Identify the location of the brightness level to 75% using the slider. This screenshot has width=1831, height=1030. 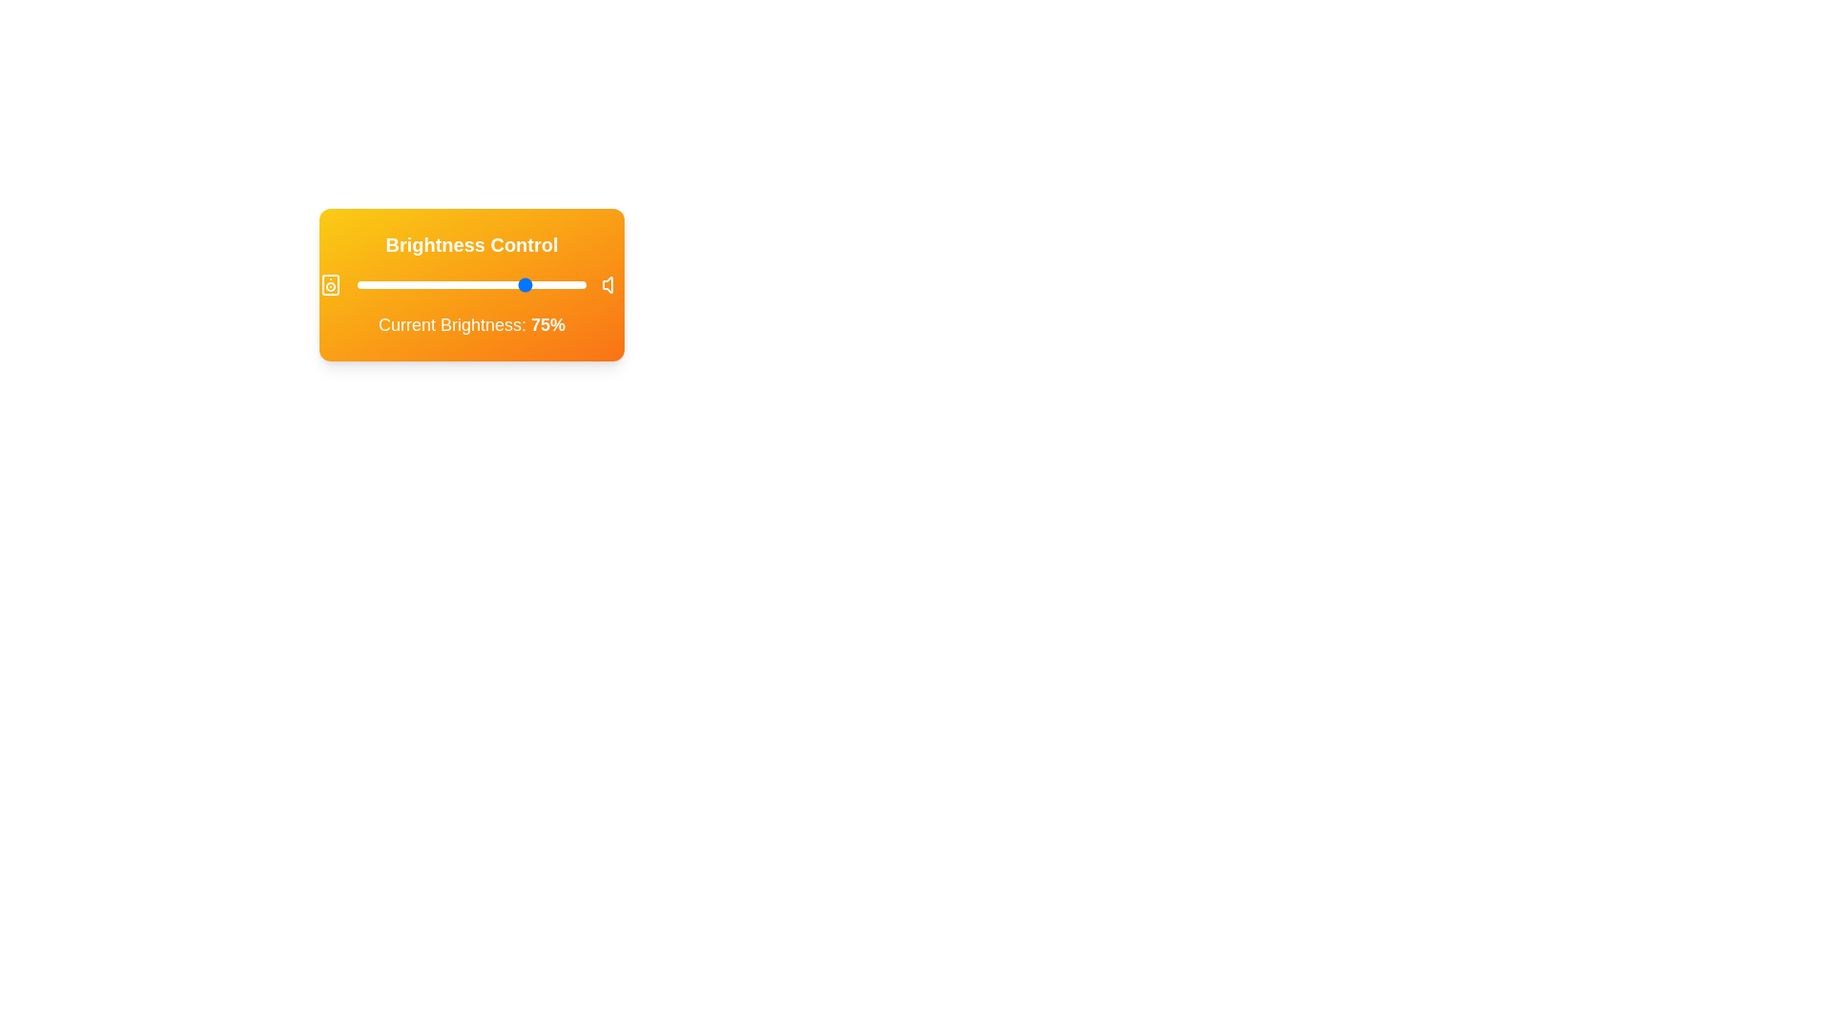
(529, 285).